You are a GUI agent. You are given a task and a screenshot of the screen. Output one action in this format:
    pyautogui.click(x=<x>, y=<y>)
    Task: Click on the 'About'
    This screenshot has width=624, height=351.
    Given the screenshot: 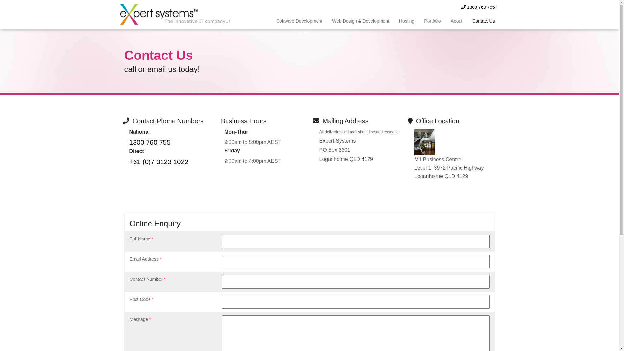 What is the action you would take?
    pyautogui.click(x=456, y=21)
    